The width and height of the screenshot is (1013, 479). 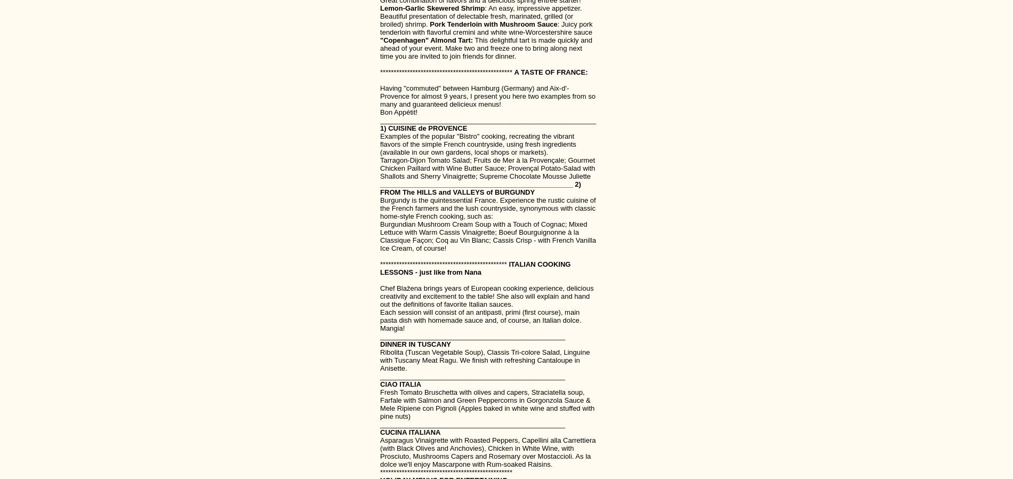 What do you see at coordinates (487, 236) in the screenshot?
I see `'Burgundian Mushroom Cream Soup with a Touch of Cognac; Mixed Lettuce with Warm Cassis Vinaigrette; Boeuf Bourguignonne à la Classique Façon; Coq au Vin Blanc; Cassis Crisp - with French Vanilla Ice Cream, of course!'` at bounding box center [487, 236].